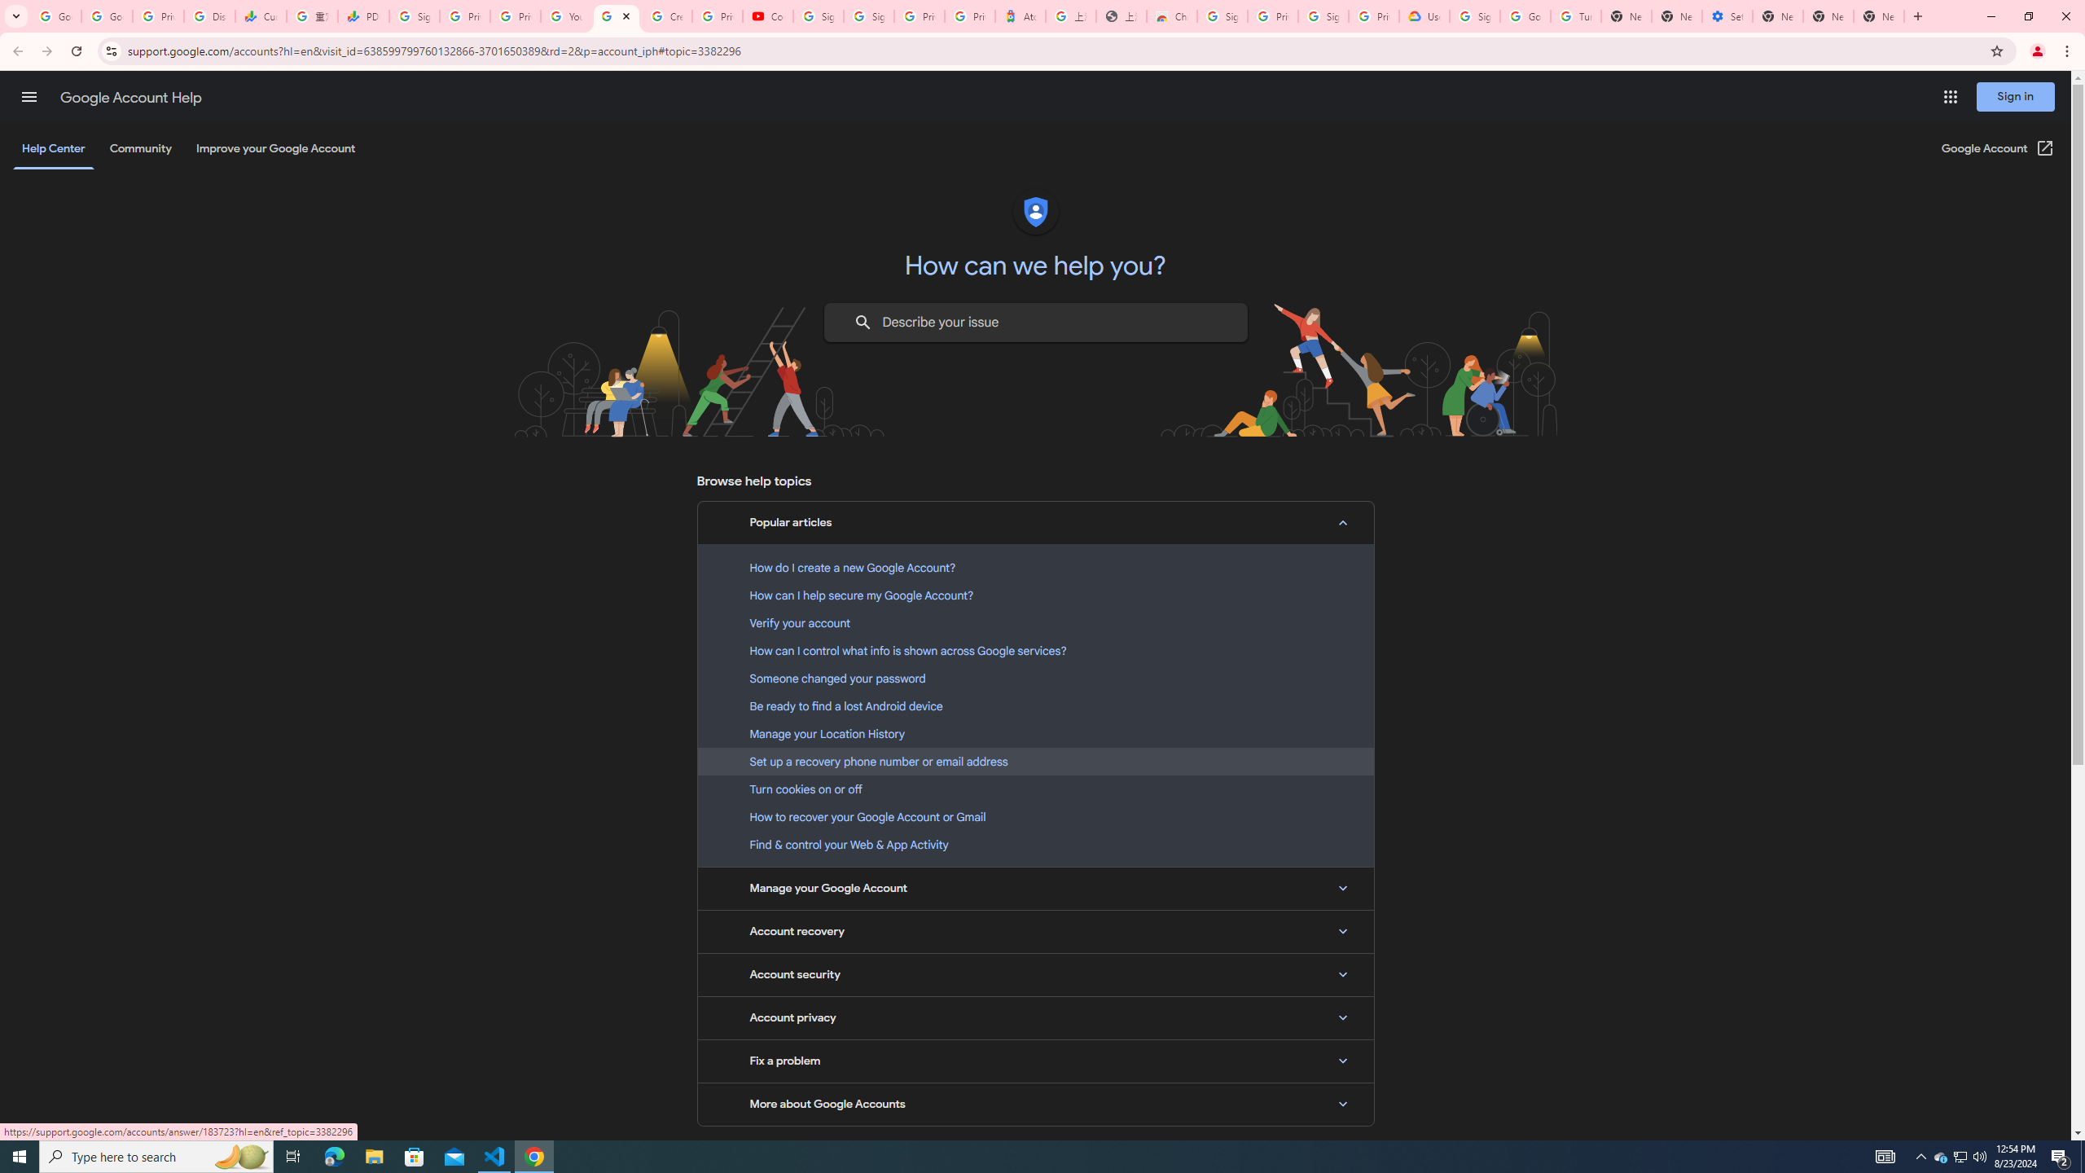 The image size is (2085, 1173). Describe the element at coordinates (1035, 789) in the screenshot. I see `'Turn cookies on or off'` at that location.